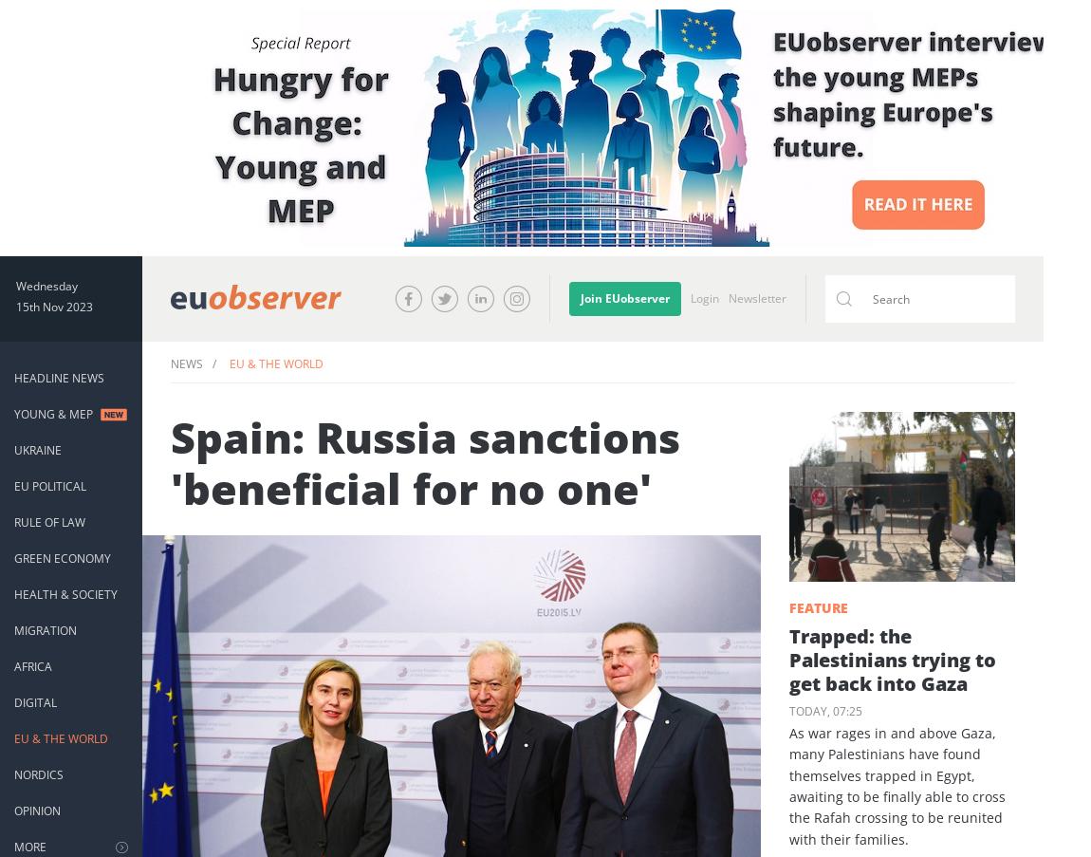  I want to click on 'Health & Society', so click(65, 594).